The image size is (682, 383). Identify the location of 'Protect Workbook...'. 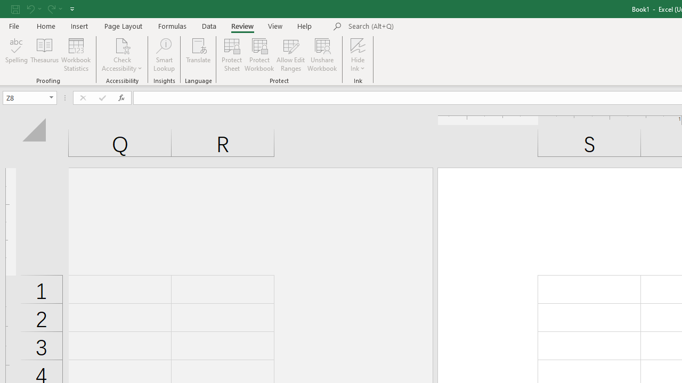
(259, 55).